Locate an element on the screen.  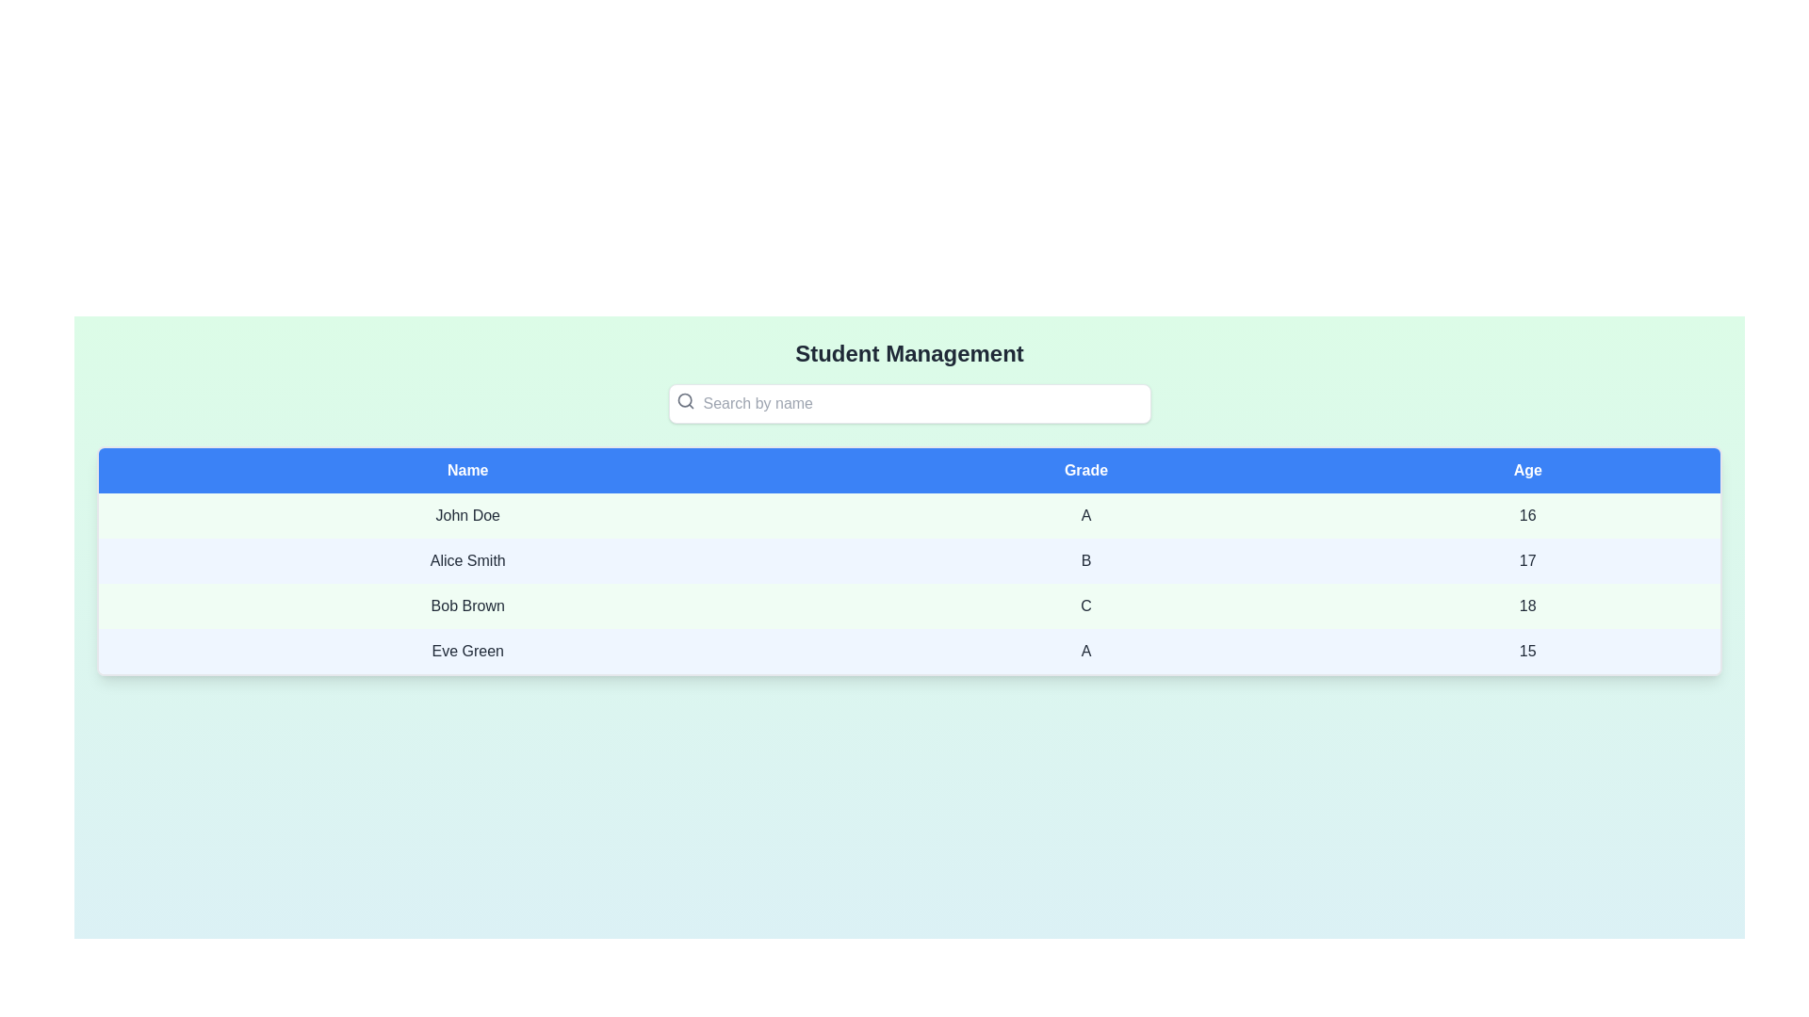
the text label displaying 'A' in the 'Grade' column for 'Eve Green', located in the fourth row and second column of the table is located at coordinates (1085, 650).